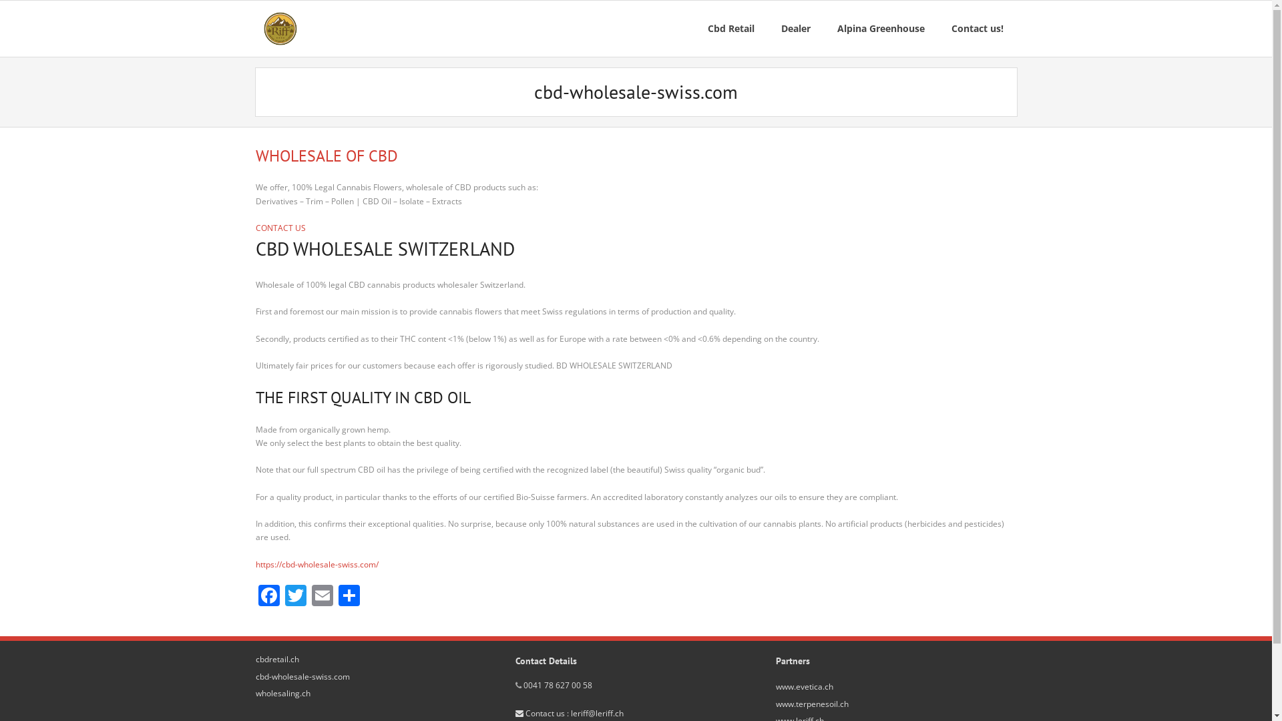 The height and width of the screenshot is (721, 1282). What do you see at coordinates (558, 685) in the screenshot?
I see `'0041 78 627 00 58'` at bounding box center [558, 685].